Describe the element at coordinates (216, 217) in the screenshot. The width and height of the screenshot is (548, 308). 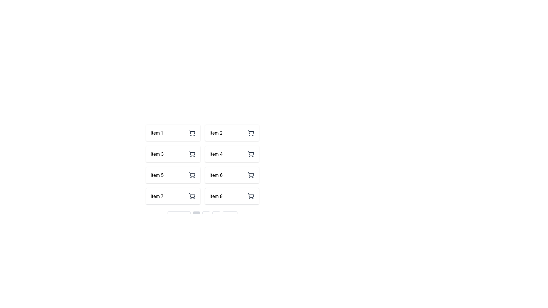
I see `the button labeled '3' located in the bottom navigation bar` at that location.